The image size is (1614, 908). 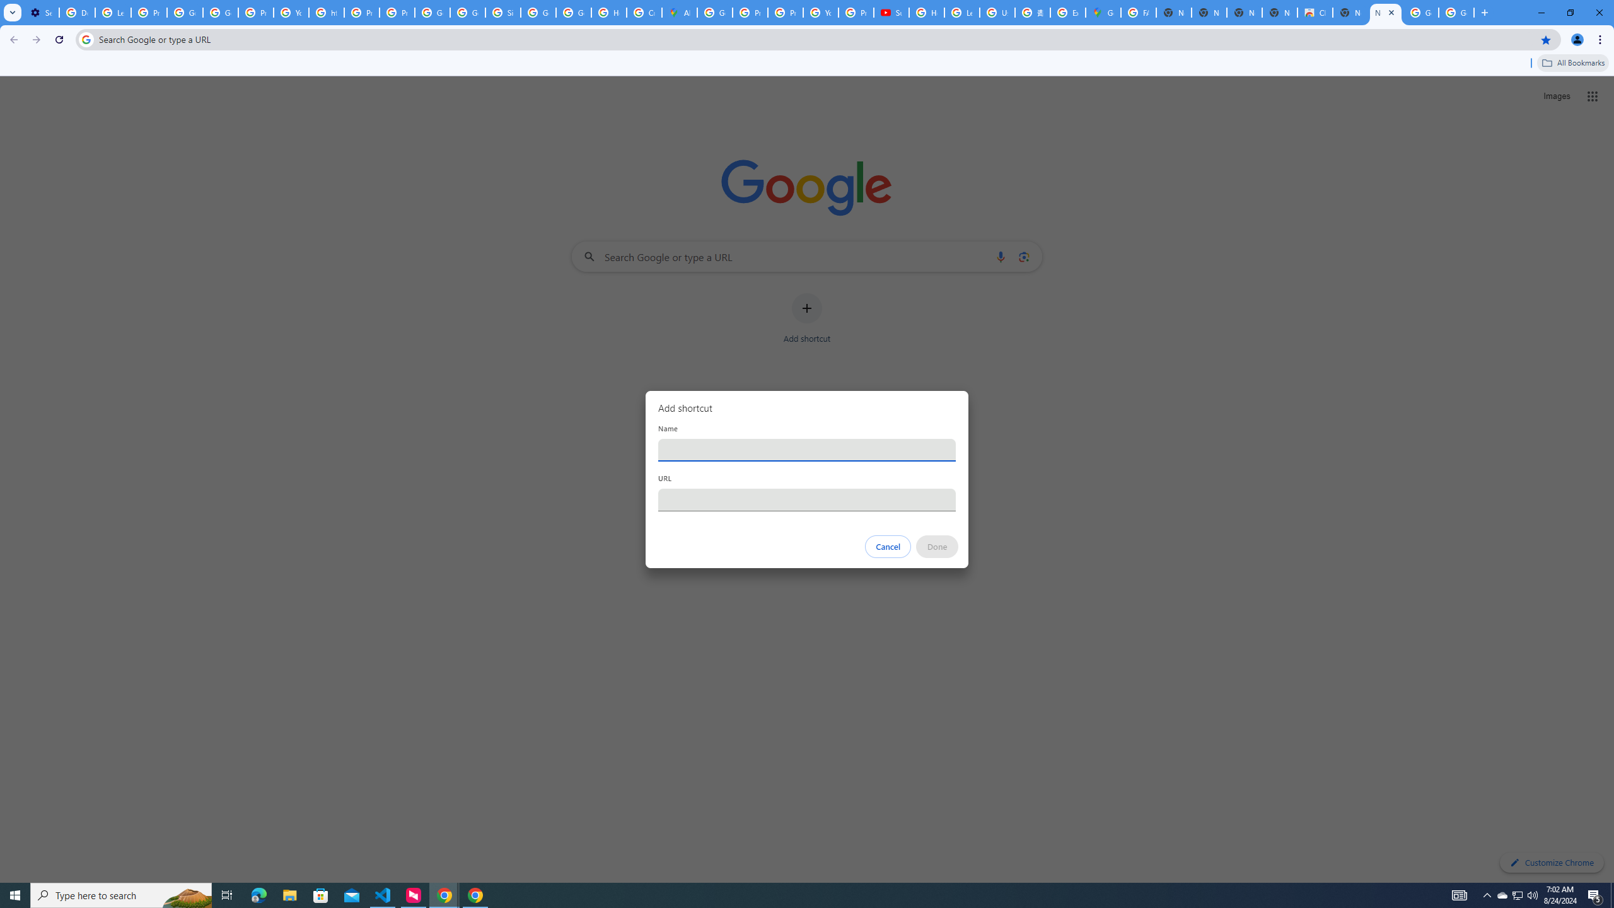 I want to click on 'Explore new street-level details - Google Maps Help', so click(x=1067, y=12).